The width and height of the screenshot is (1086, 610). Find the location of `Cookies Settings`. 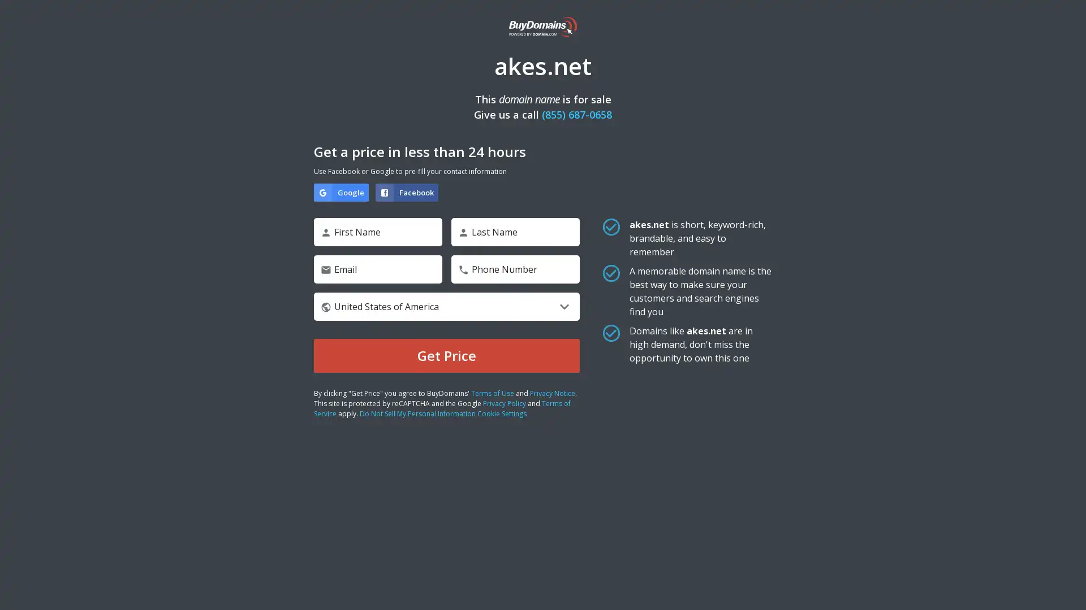

Cookies Settings is located at coordinates (115, 566).